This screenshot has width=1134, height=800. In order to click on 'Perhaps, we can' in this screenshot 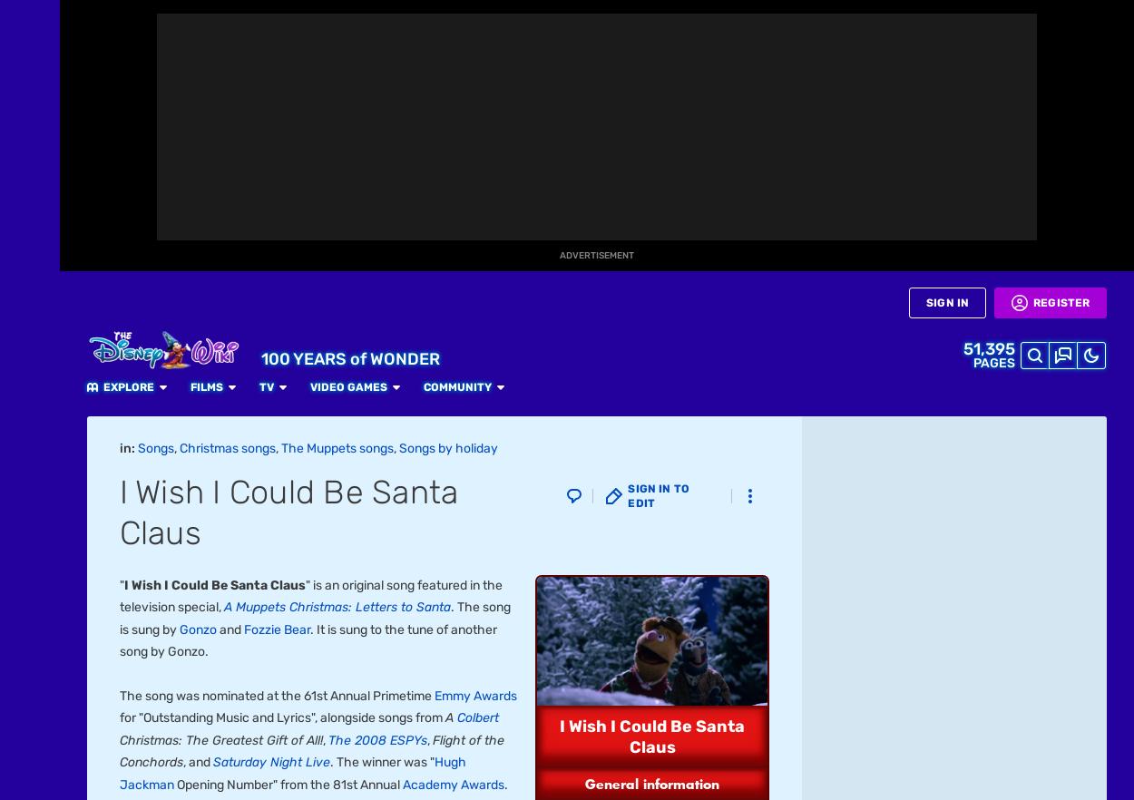, I will do `click(119, 249)`.